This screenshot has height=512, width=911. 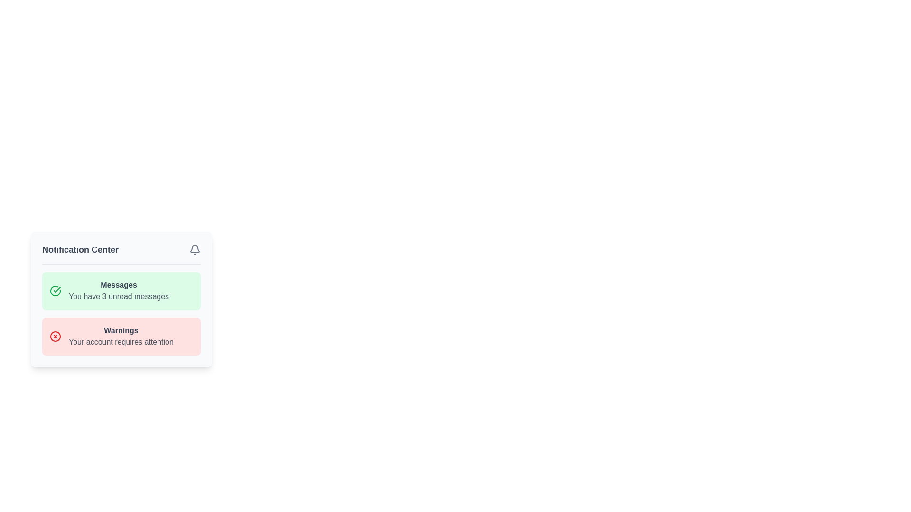 I want to click on the Text label that serves as a title for the notification related to messages, located at the top of a list item within the Notification Center, so click(x=118, y=284).